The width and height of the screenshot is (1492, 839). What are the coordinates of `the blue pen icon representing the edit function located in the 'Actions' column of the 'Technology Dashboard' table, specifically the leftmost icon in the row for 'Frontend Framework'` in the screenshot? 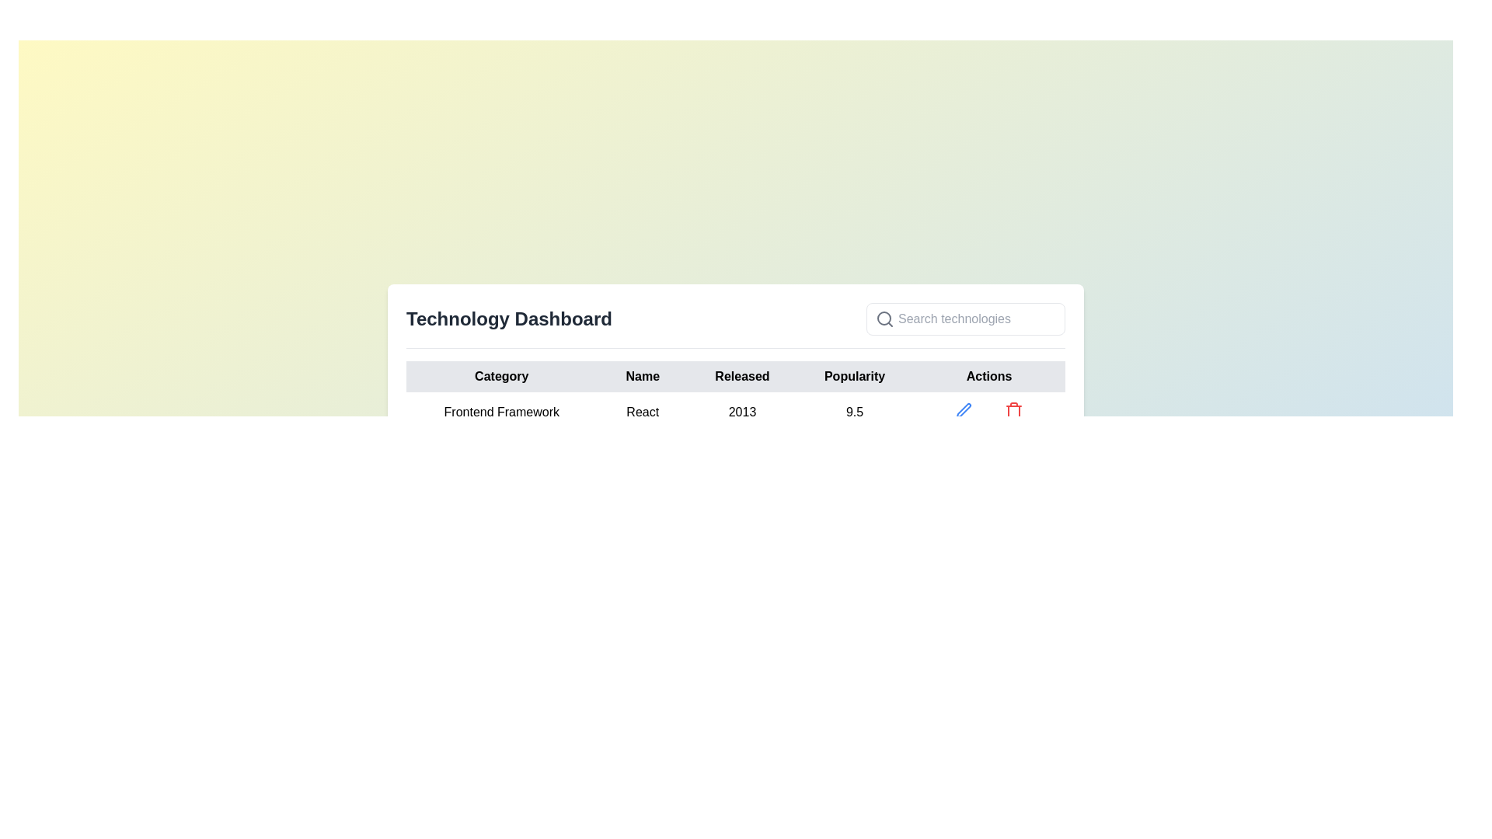 It's located at (964, 409).